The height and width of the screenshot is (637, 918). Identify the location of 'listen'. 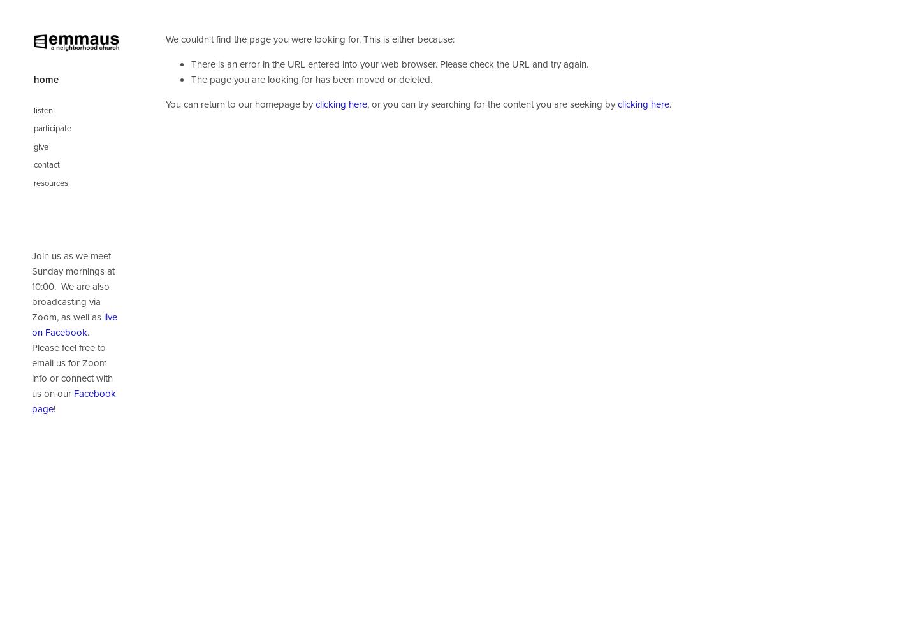
(42, 110).